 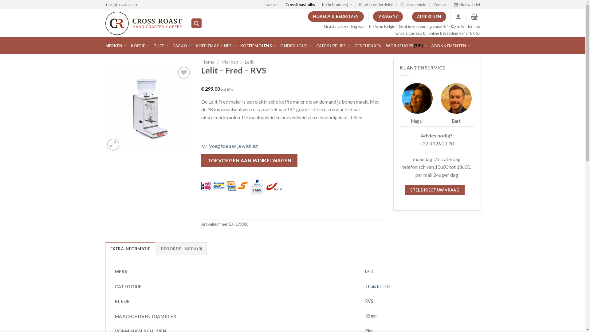 What do you see at coordinates (386, 45) in the screenshot?
I see `'WORKSHOPS` at bounding box center [386, 45].